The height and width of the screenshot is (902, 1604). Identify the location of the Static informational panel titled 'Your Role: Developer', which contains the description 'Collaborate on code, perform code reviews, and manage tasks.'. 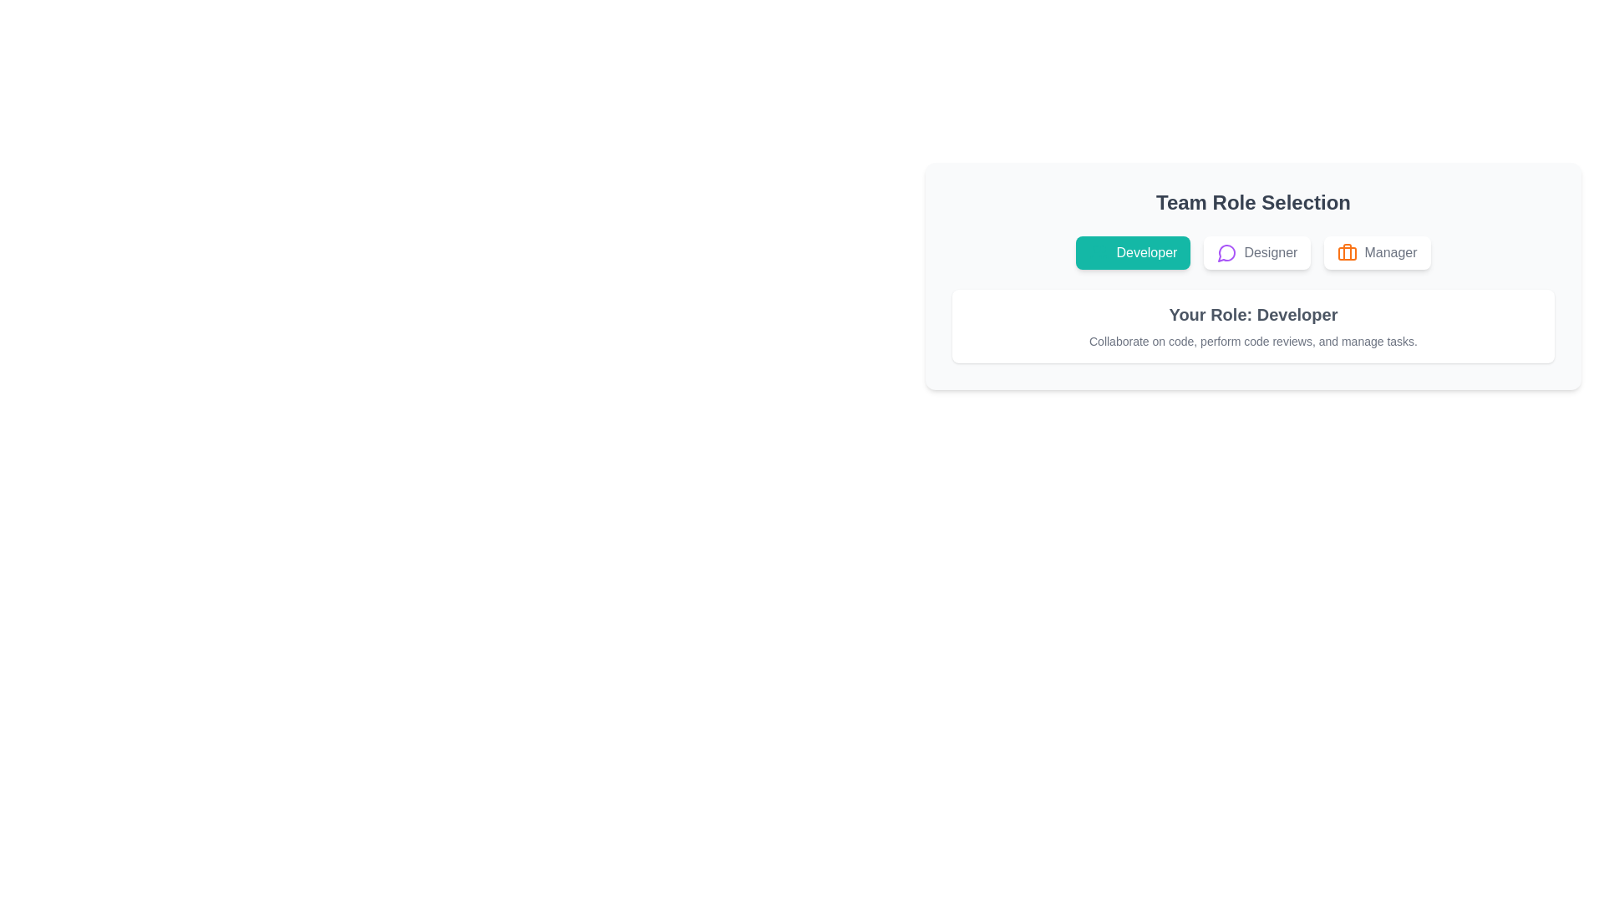
(1253, 326).